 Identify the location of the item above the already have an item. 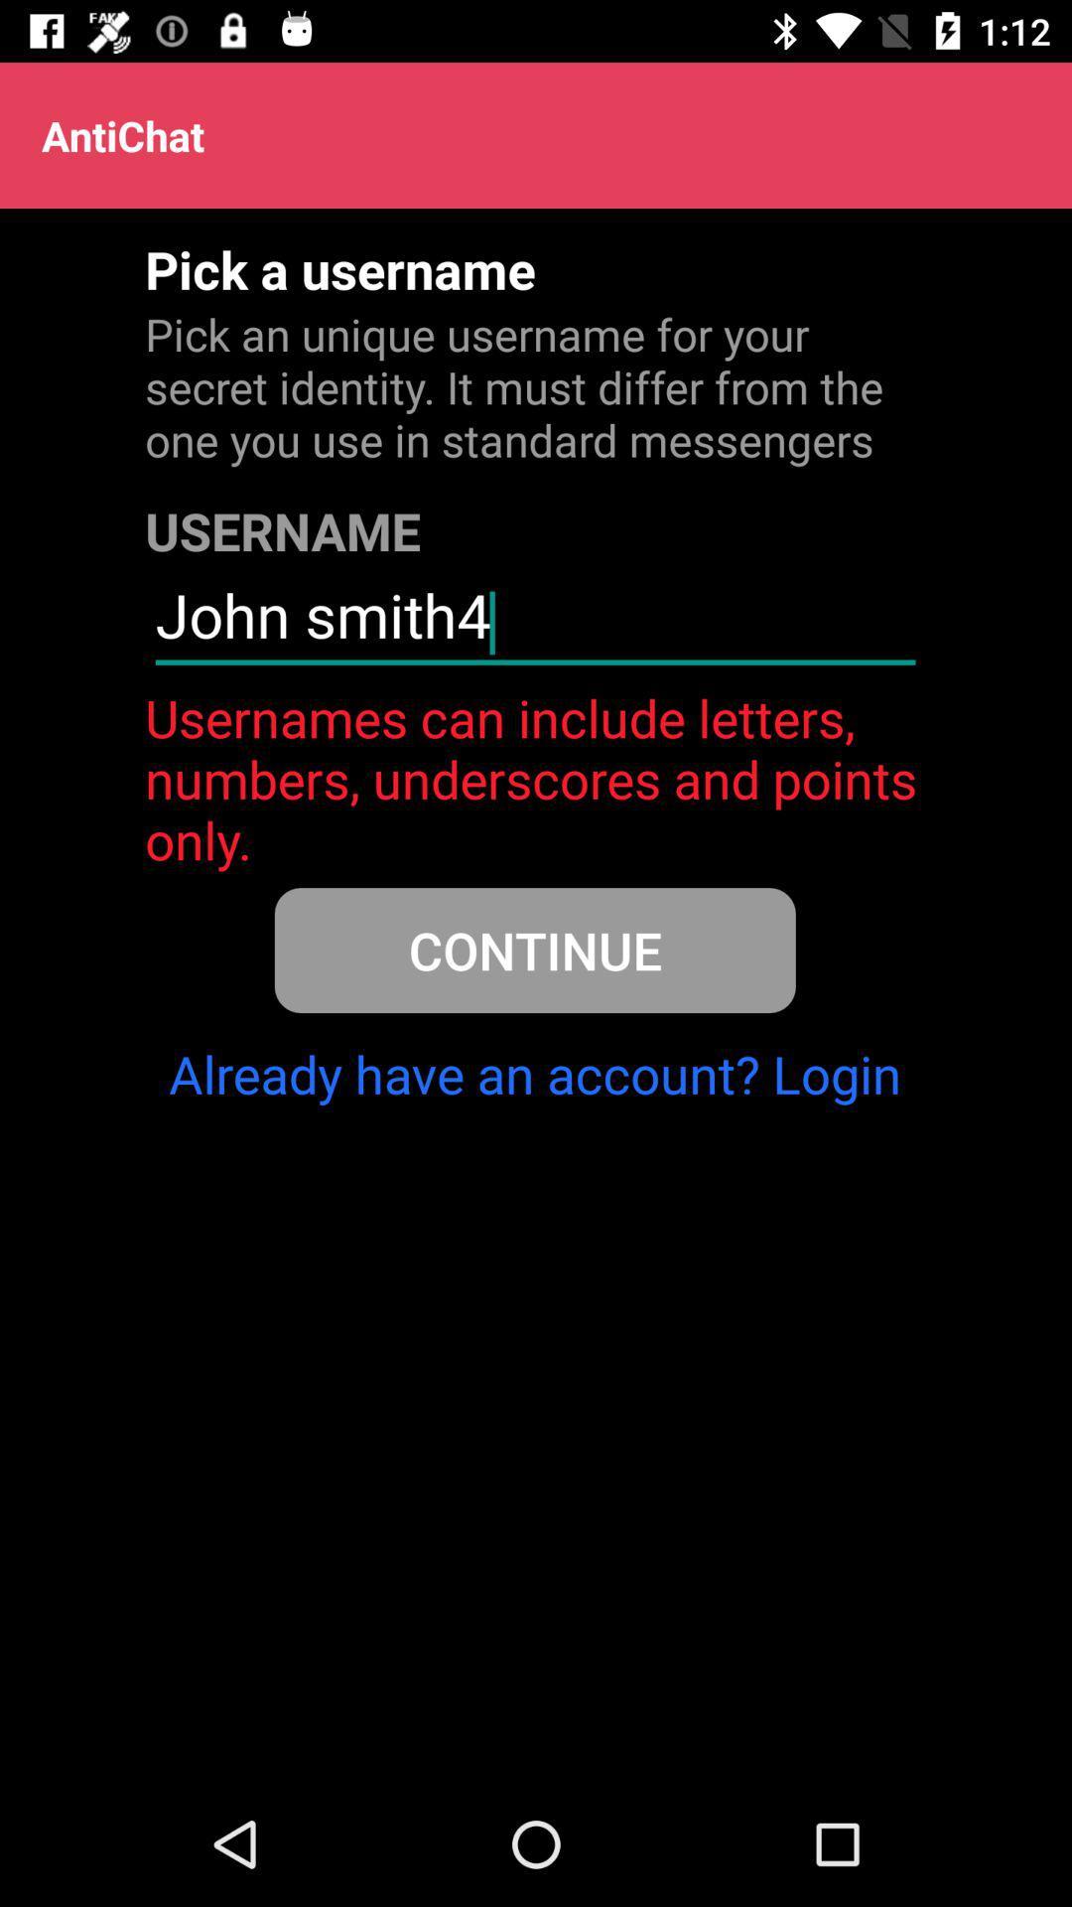
(534, 949).